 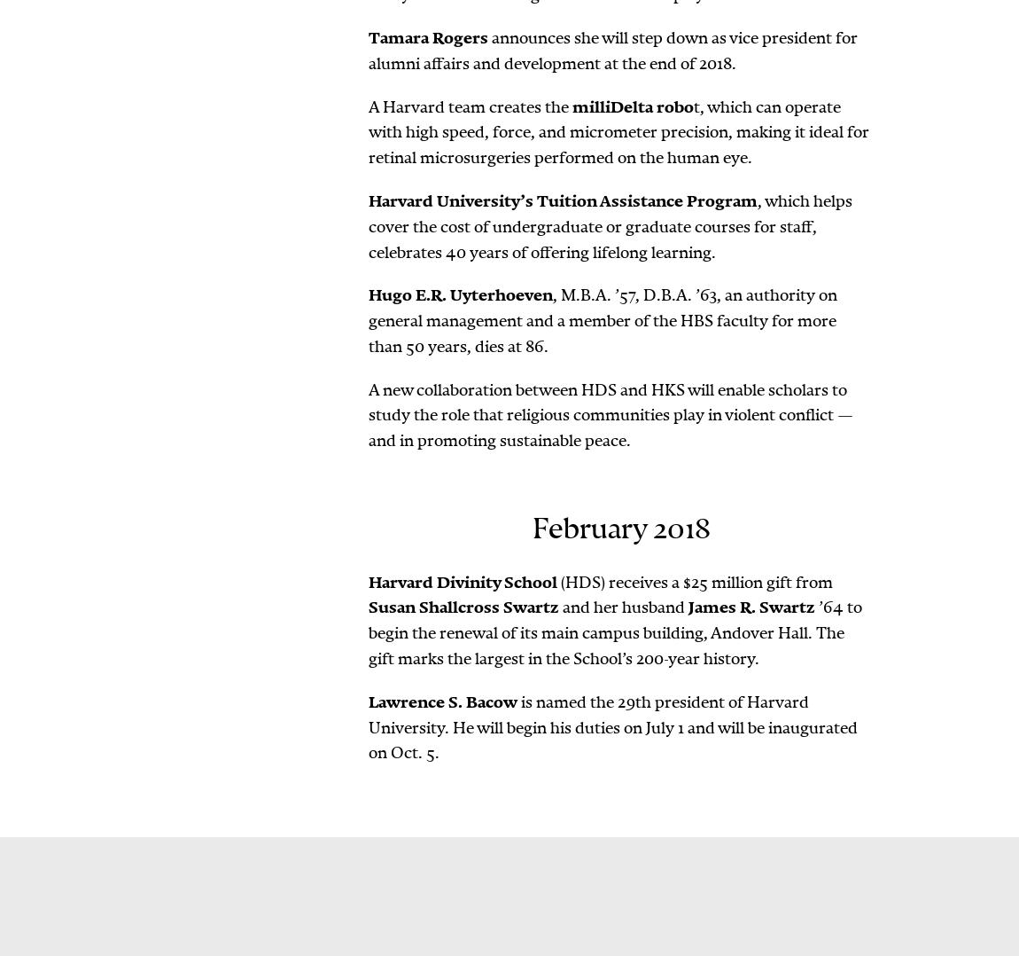 I want to click on 'James R. Swartz', so click(x=751, y=607).